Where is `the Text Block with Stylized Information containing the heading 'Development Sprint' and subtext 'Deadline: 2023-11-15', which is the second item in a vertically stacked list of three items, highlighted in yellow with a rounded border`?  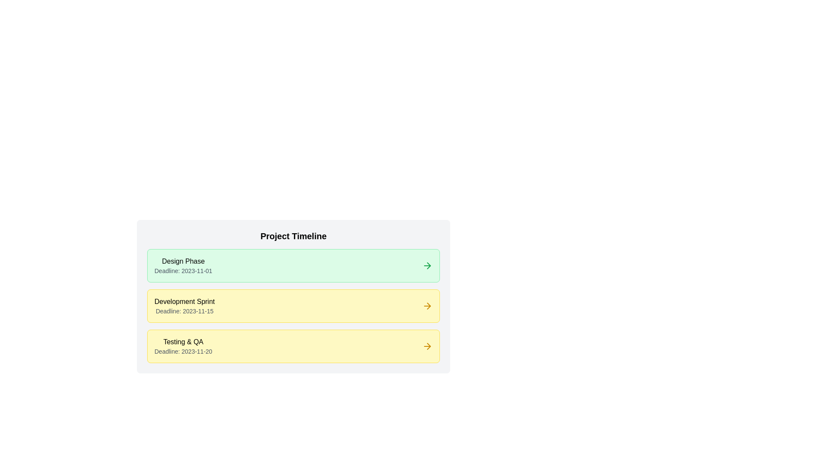
the Text Block with Stylized Information containing the heading 'Development Sprint' and subtext 'Deadline: 2023-11-15', which is the second item in a vertically stacked list of three items, highlighted in yellow with a rounded border is located at coordinates (184, 305).